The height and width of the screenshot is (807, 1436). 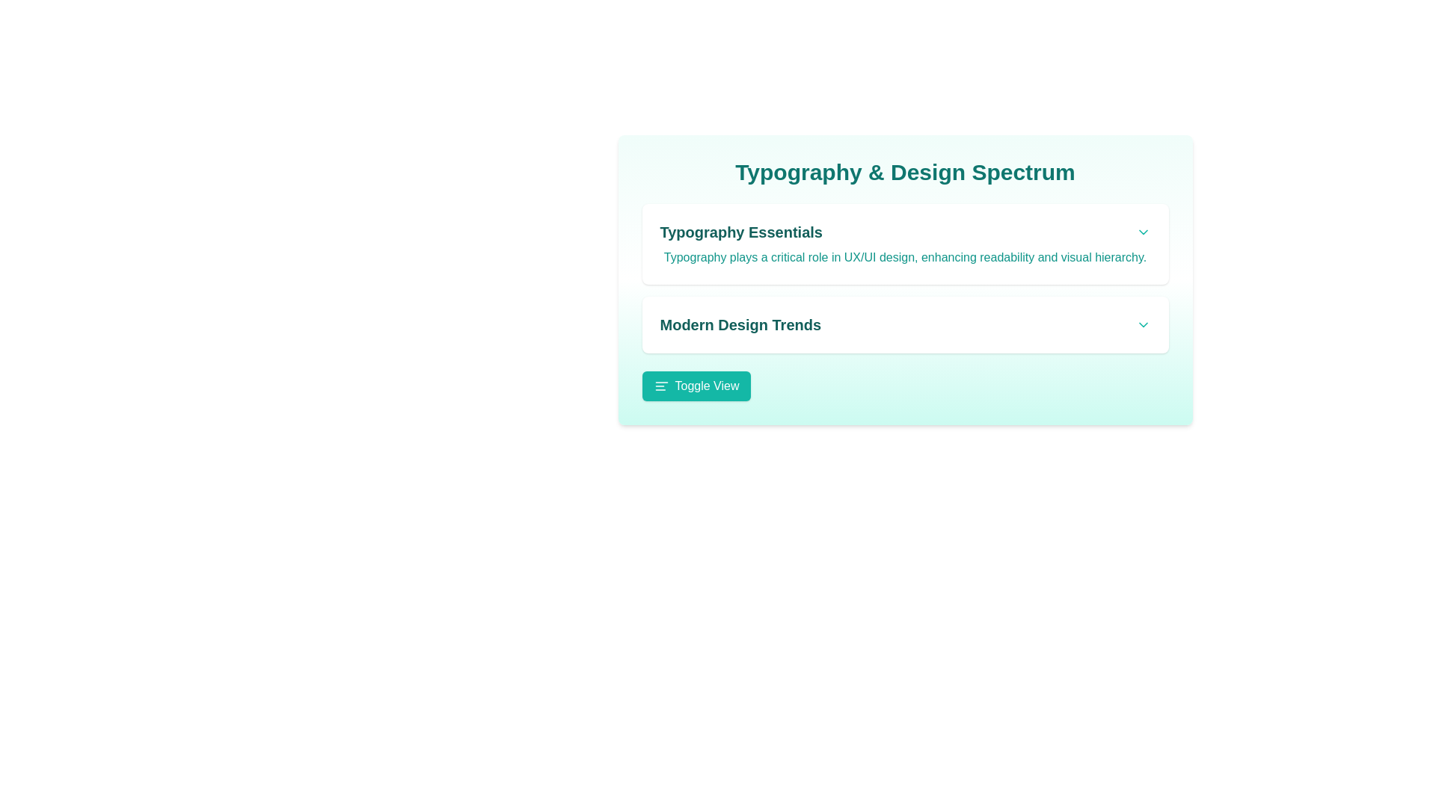 I want to click on the informational card titled 'Typography Essentials', which provides details about typography's importance in UX/UI design, so click(x=904, y=244).